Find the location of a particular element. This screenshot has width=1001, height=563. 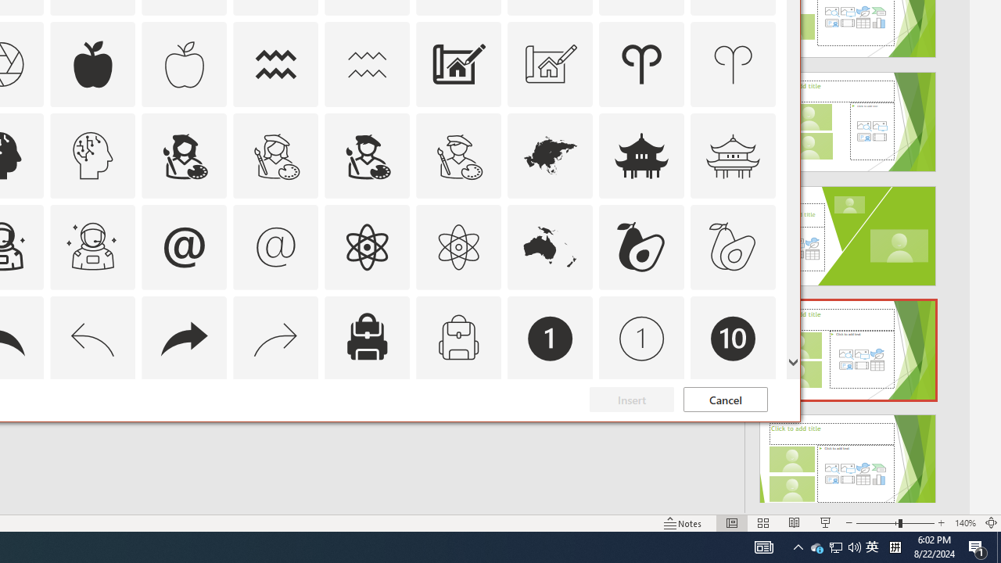

'AutomationID: Icons_Badge1_M' is located at coordinates (642, 337).